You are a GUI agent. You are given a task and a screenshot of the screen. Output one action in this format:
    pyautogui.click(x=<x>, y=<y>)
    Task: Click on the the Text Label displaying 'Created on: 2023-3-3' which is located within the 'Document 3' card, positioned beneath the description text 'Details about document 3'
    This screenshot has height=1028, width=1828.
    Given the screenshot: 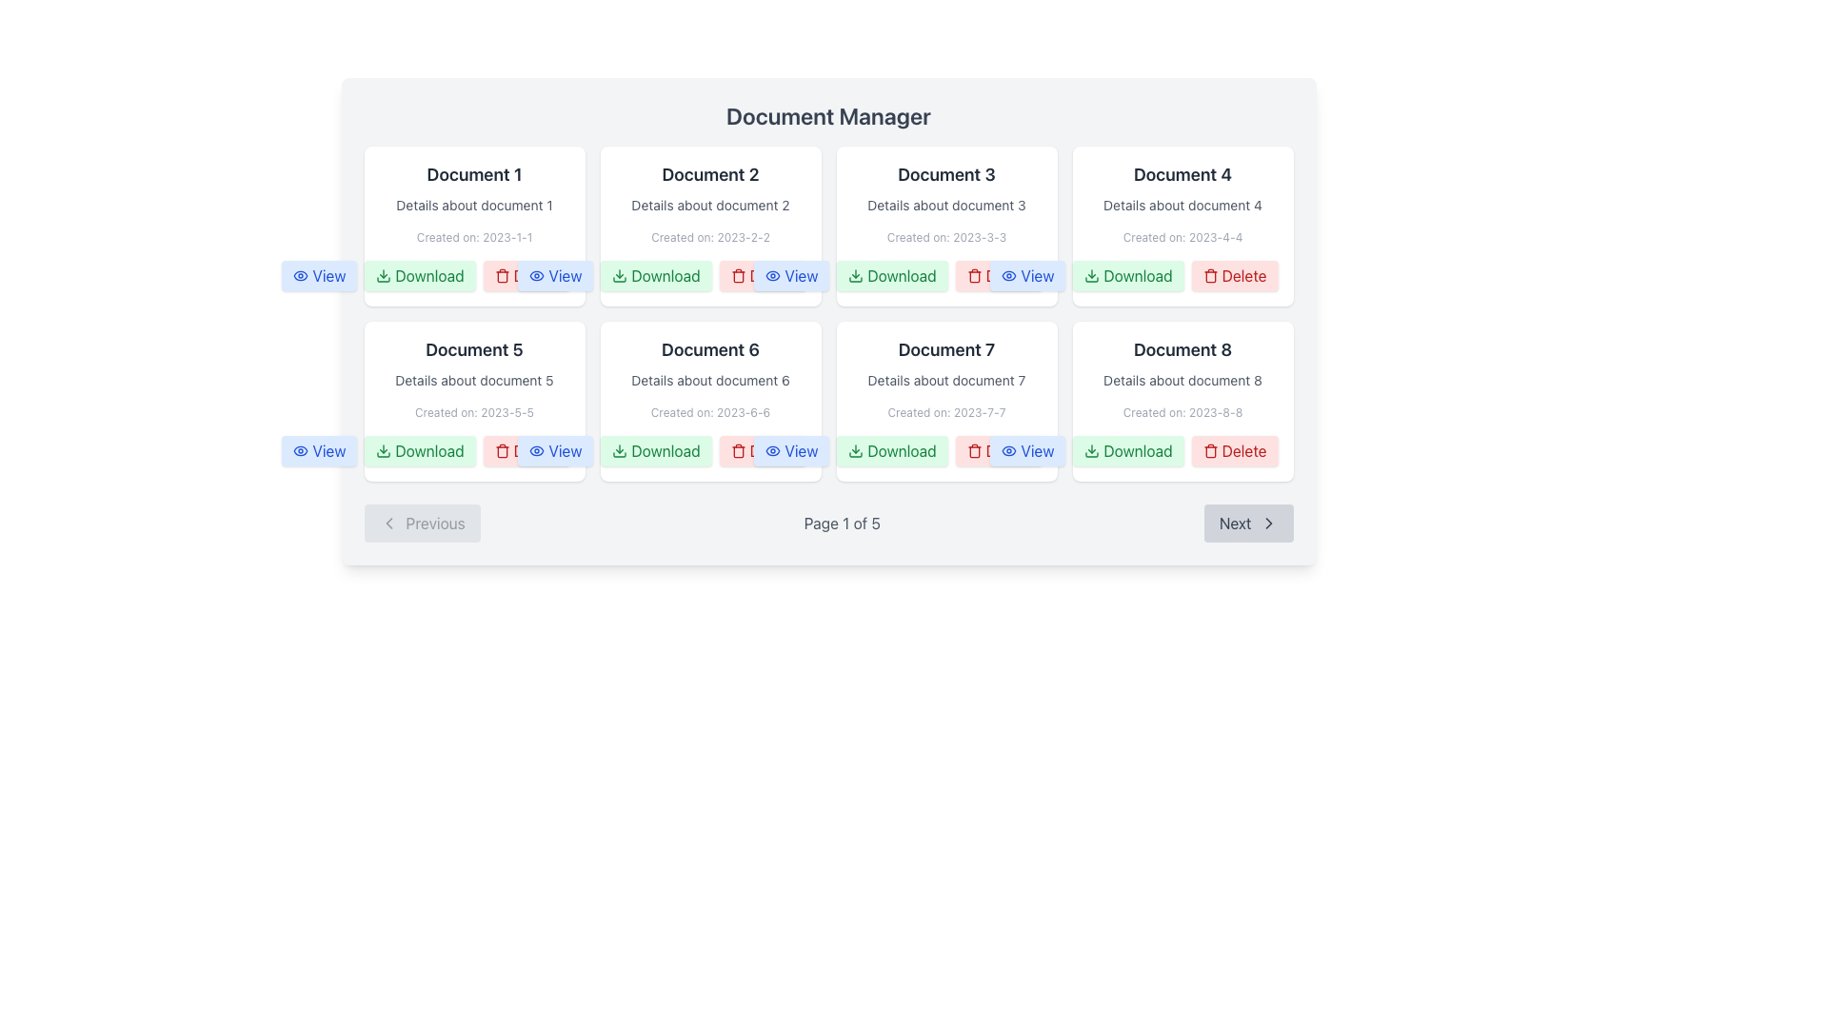 What is the action you would take?
    pyautogui.click(x=946, y=237)
    